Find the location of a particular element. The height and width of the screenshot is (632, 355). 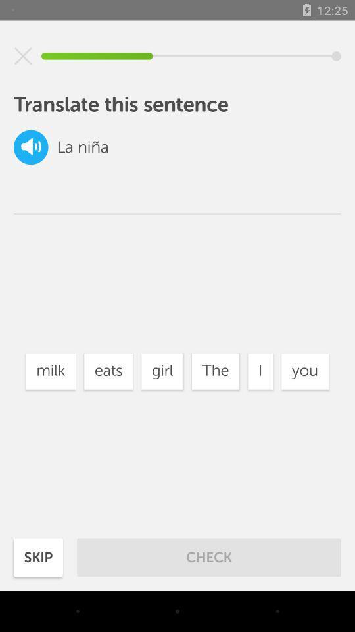

item to the left of you is located at coordinates (260, 371).